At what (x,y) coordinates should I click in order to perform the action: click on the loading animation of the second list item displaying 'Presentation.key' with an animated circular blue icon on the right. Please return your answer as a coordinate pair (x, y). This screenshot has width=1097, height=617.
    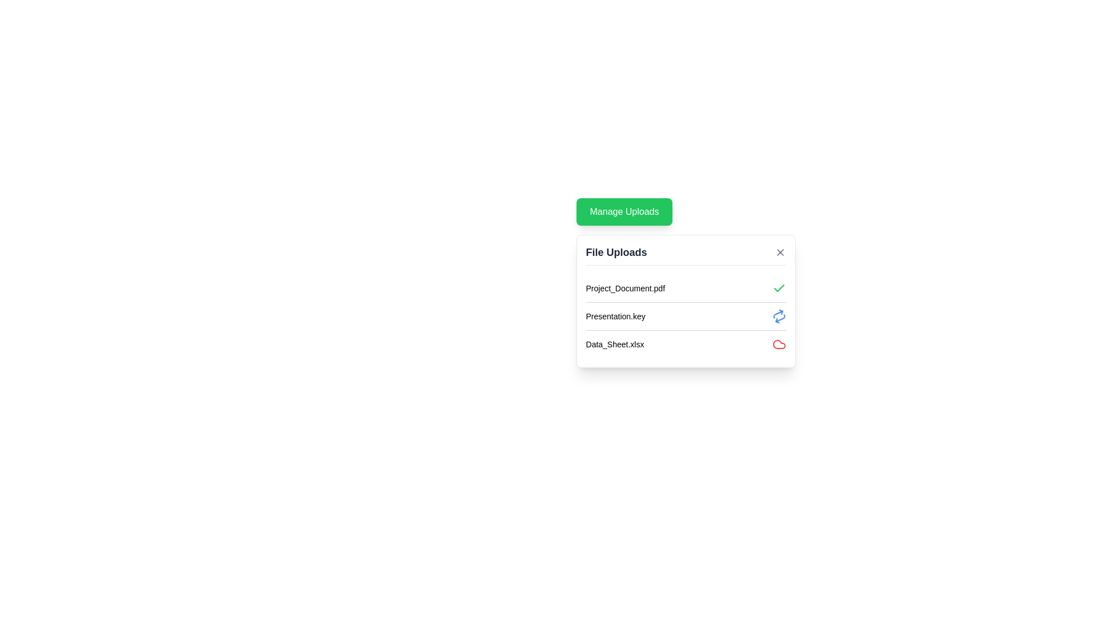
    Looking at the image, I should click on (686, 316).